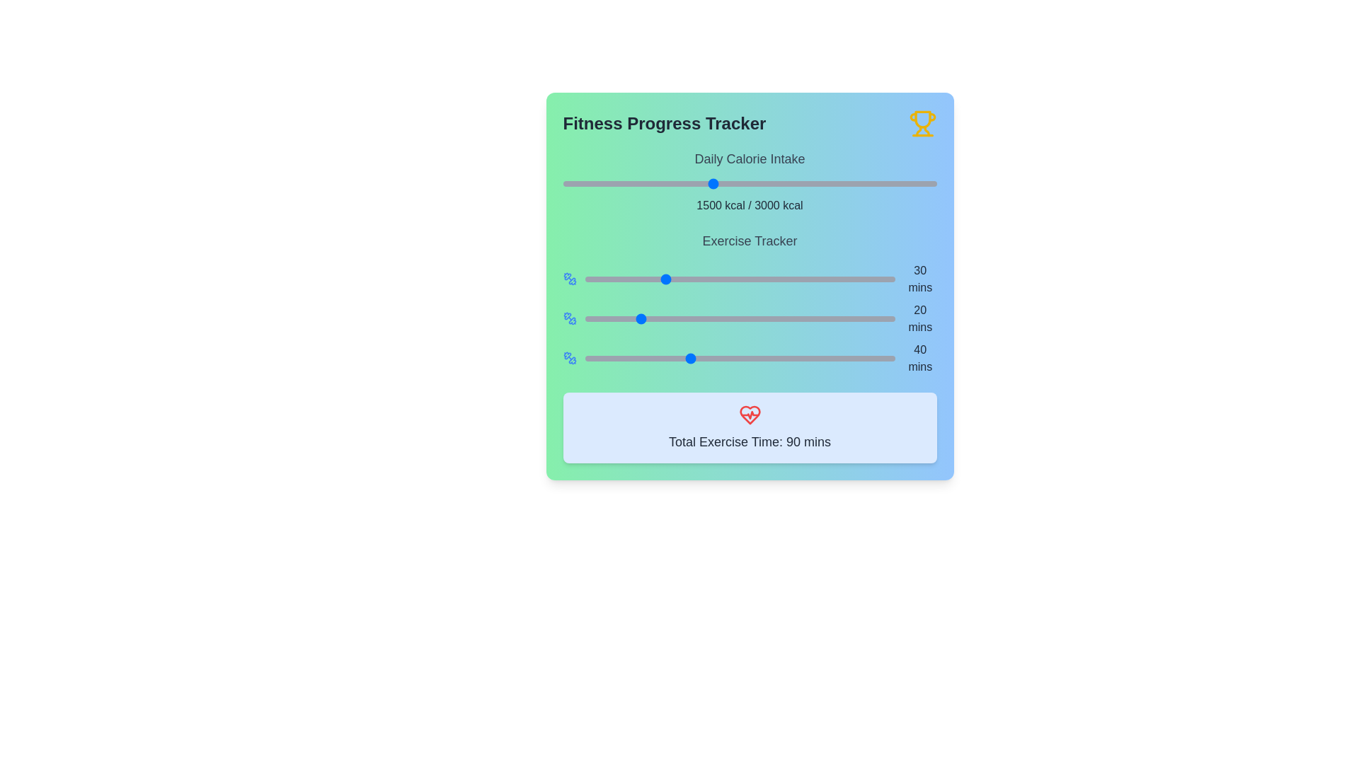  What do you see at coordinates (791, 183) in the screenshot?
I see `calorie intake` at bounding box center [791, 183].